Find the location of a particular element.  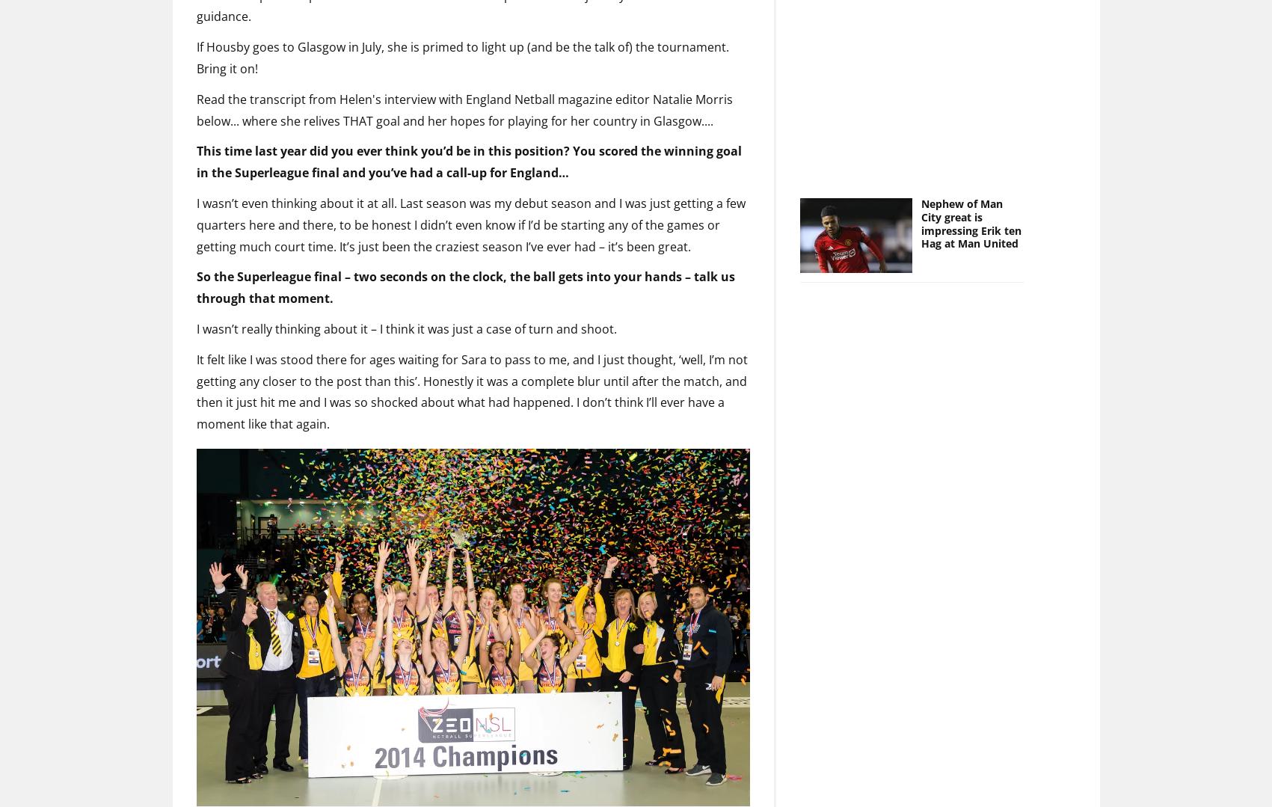

'Manchester Thunder victorious in Superleague grand final' is located at coordinates (358, 790).